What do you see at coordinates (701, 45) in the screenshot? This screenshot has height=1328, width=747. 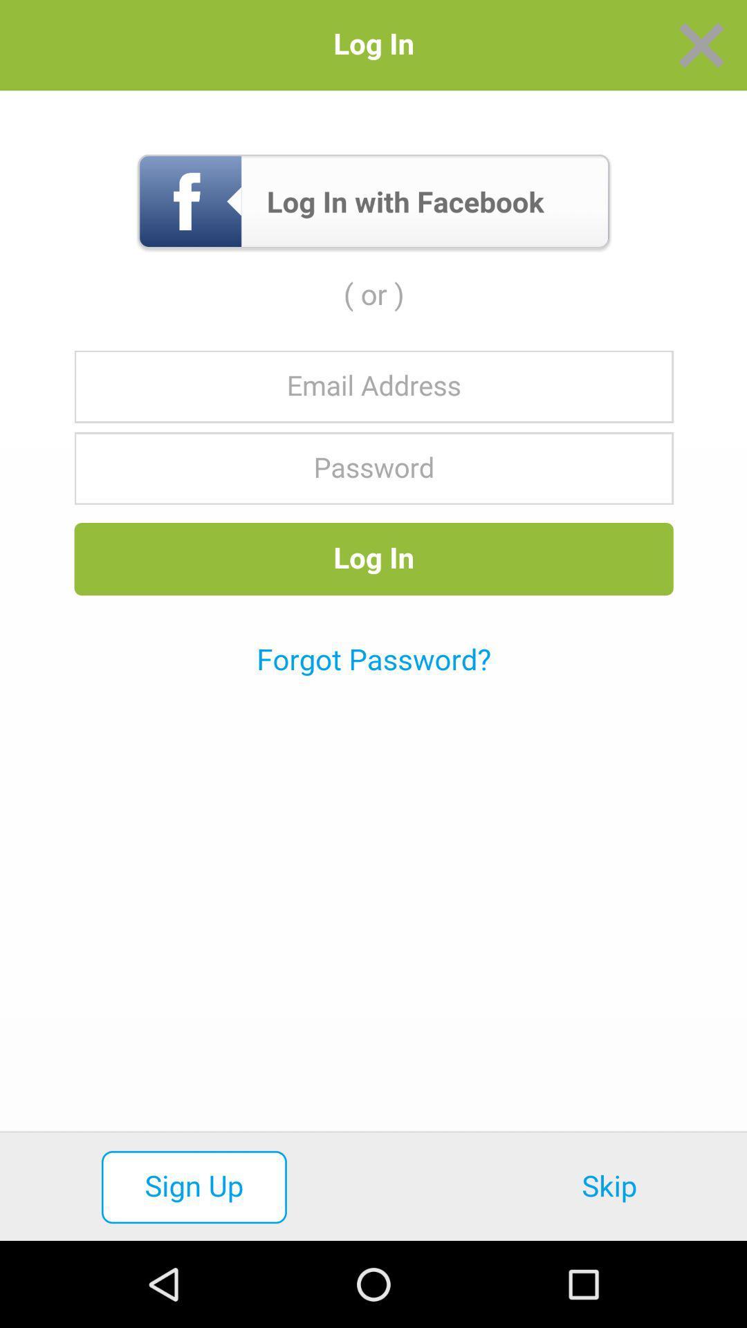 I see `the tab` at bounding box center [701, 45].